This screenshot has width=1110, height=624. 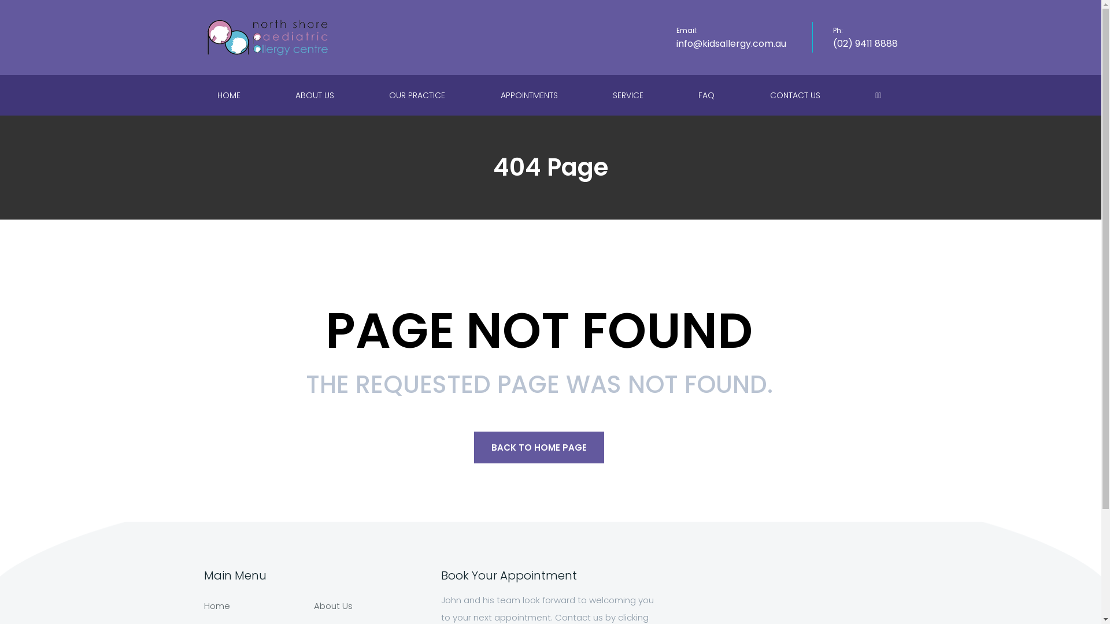 What do you see at coordinates (707, 95) in the screenshot?
I see `'FAQ'` at bounding box center [707, 95].